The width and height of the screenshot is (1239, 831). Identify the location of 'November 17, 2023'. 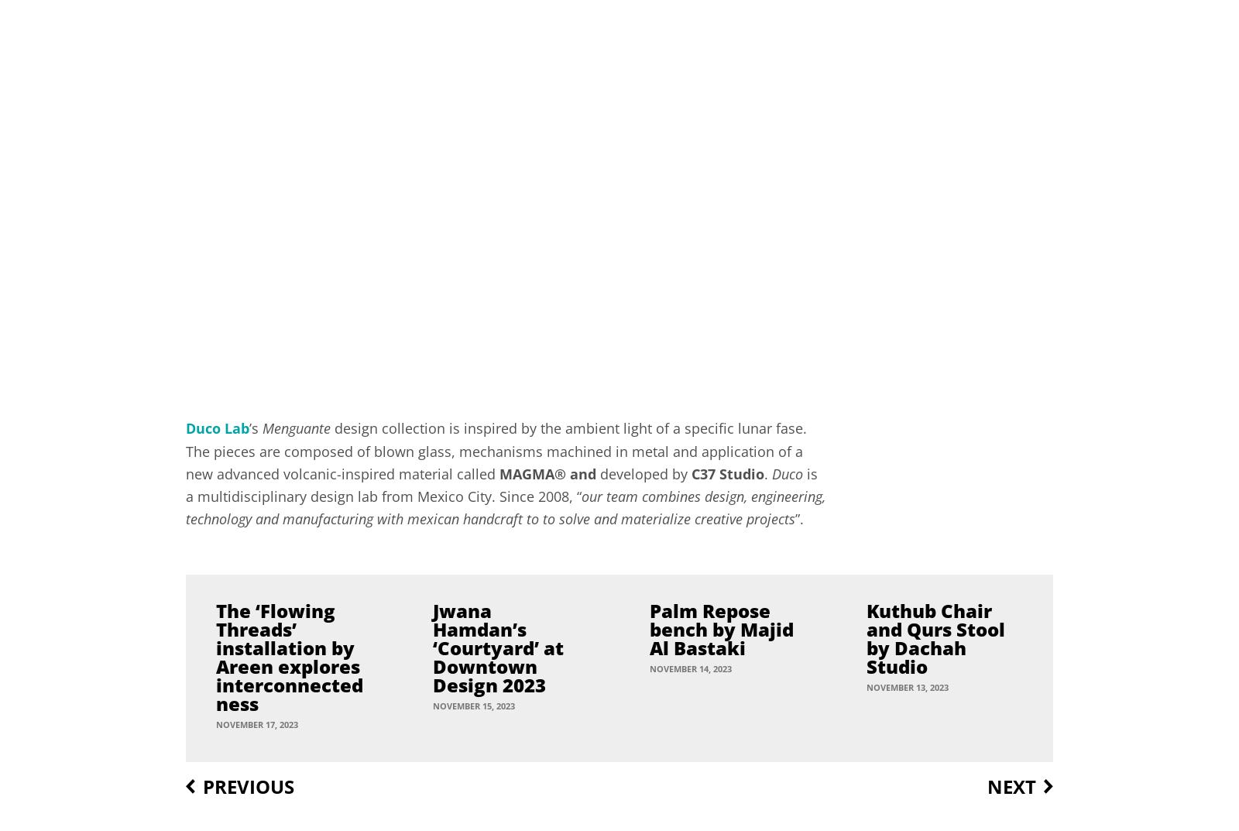
(216, 723).